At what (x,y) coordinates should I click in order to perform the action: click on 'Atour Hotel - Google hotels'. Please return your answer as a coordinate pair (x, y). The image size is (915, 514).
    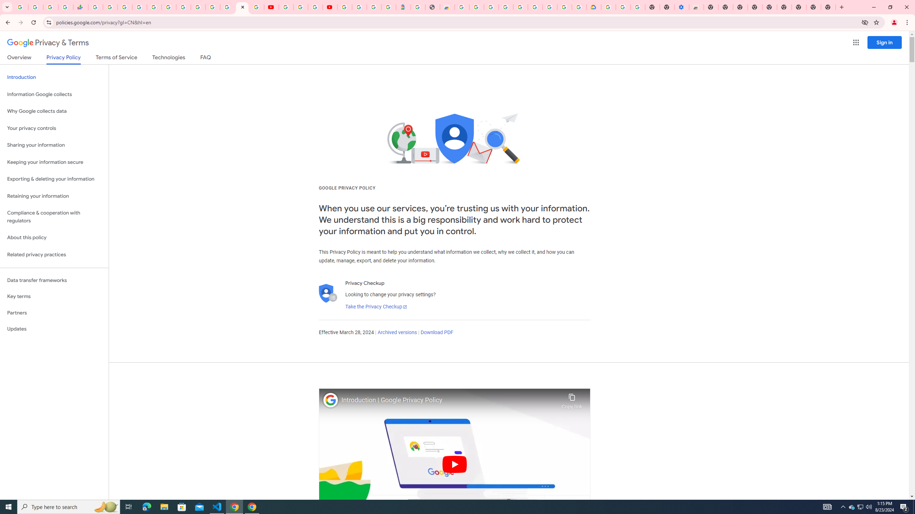
    Looking at the image, I should click on (402, 7).